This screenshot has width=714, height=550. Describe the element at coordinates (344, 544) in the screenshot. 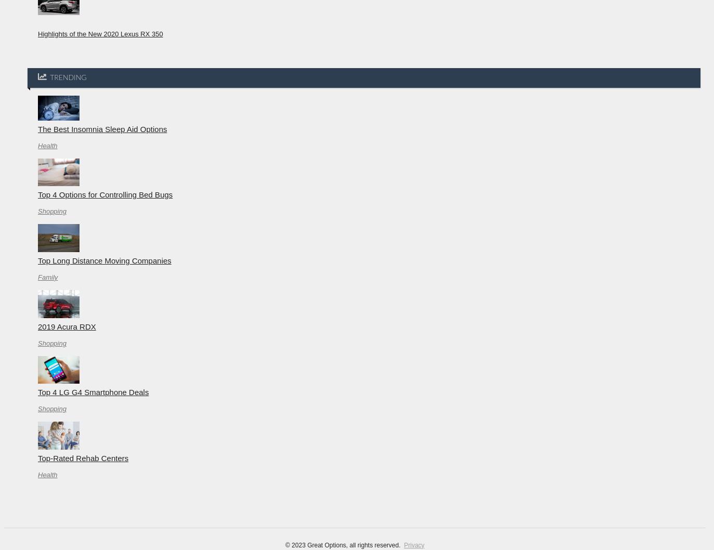

I see `'© 2023 Great Options, all rights reserved.'` at that location.